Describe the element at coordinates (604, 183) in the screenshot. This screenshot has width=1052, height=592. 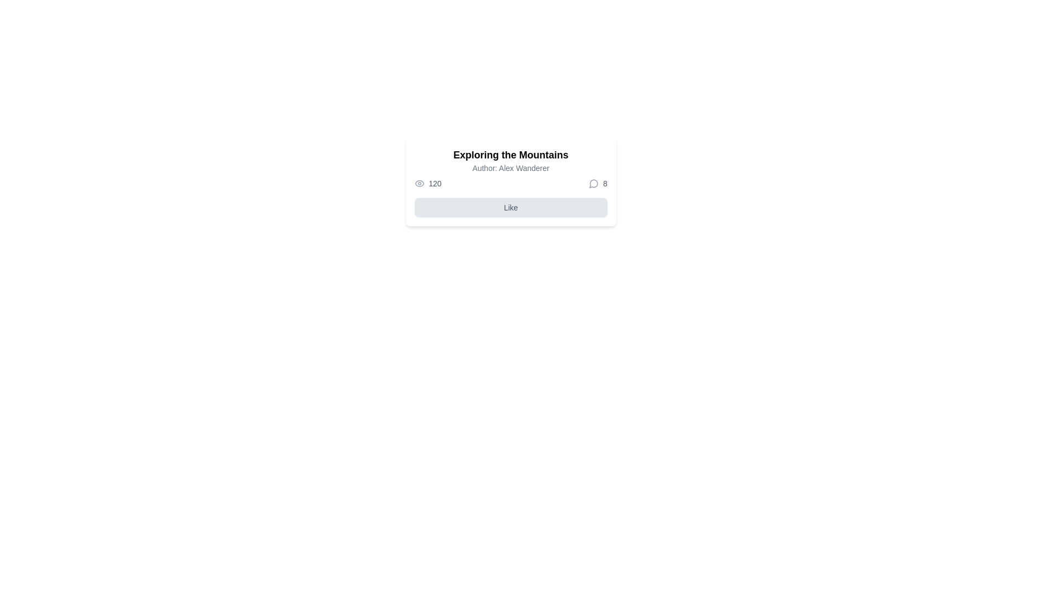
I see `numeric data displayed in the Text Label positioned to the right of the speech-bubble-style icon, which indicates the count of comments or interactions` at that location.